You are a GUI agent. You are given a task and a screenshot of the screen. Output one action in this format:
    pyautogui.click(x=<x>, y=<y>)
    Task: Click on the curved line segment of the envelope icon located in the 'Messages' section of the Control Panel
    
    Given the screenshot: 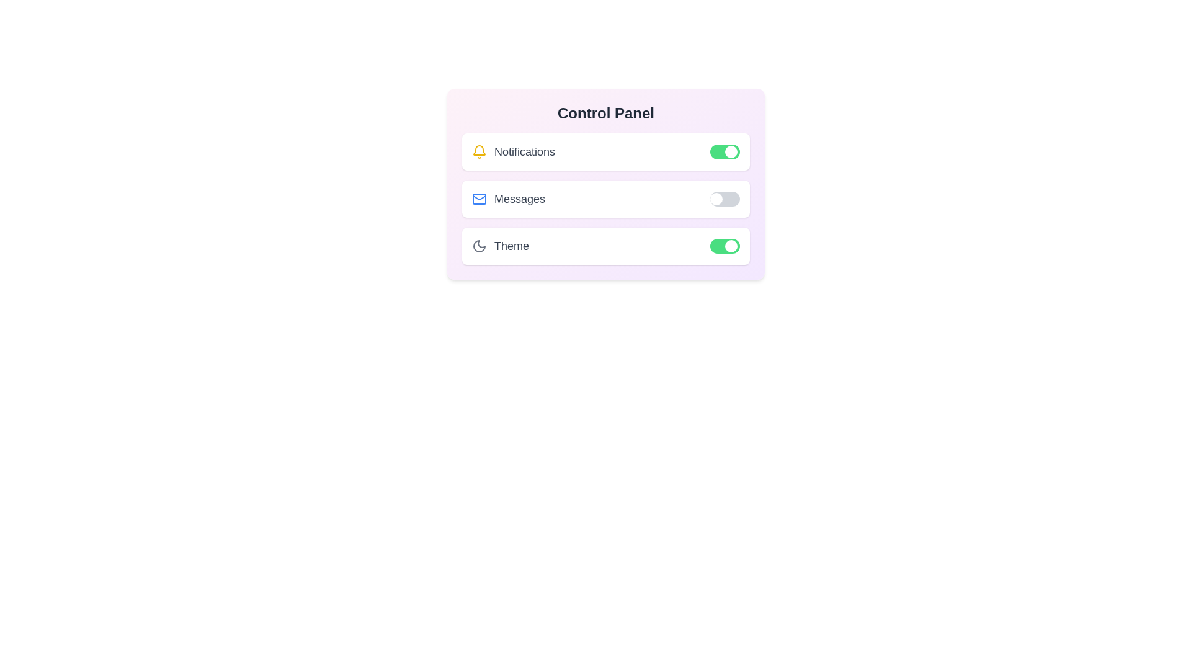 What is the action you would take?
    pyautogui.click(x=478, y=196)
    